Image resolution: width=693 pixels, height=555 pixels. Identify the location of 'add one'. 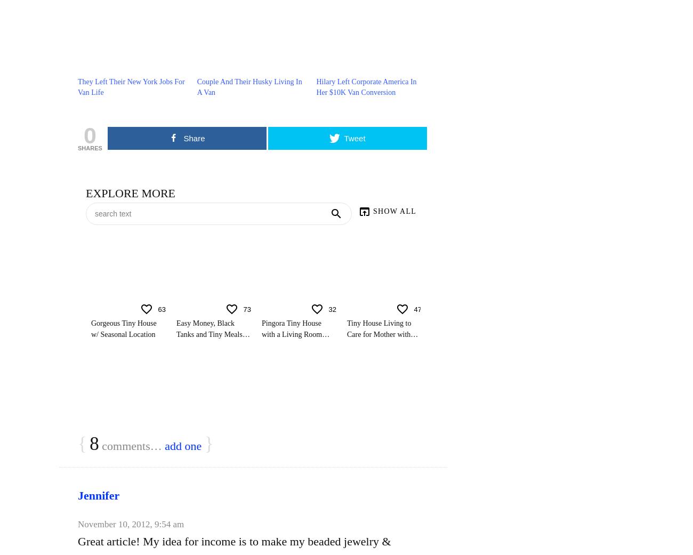
(165, 445).